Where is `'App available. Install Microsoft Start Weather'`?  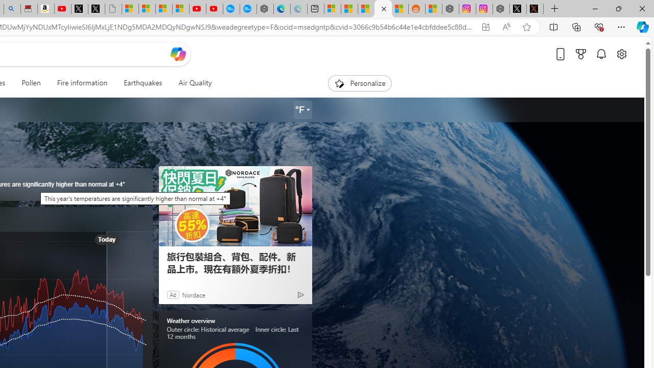 'App available. Install Microsoft Start Weather' is located at coordinates (485, 27).